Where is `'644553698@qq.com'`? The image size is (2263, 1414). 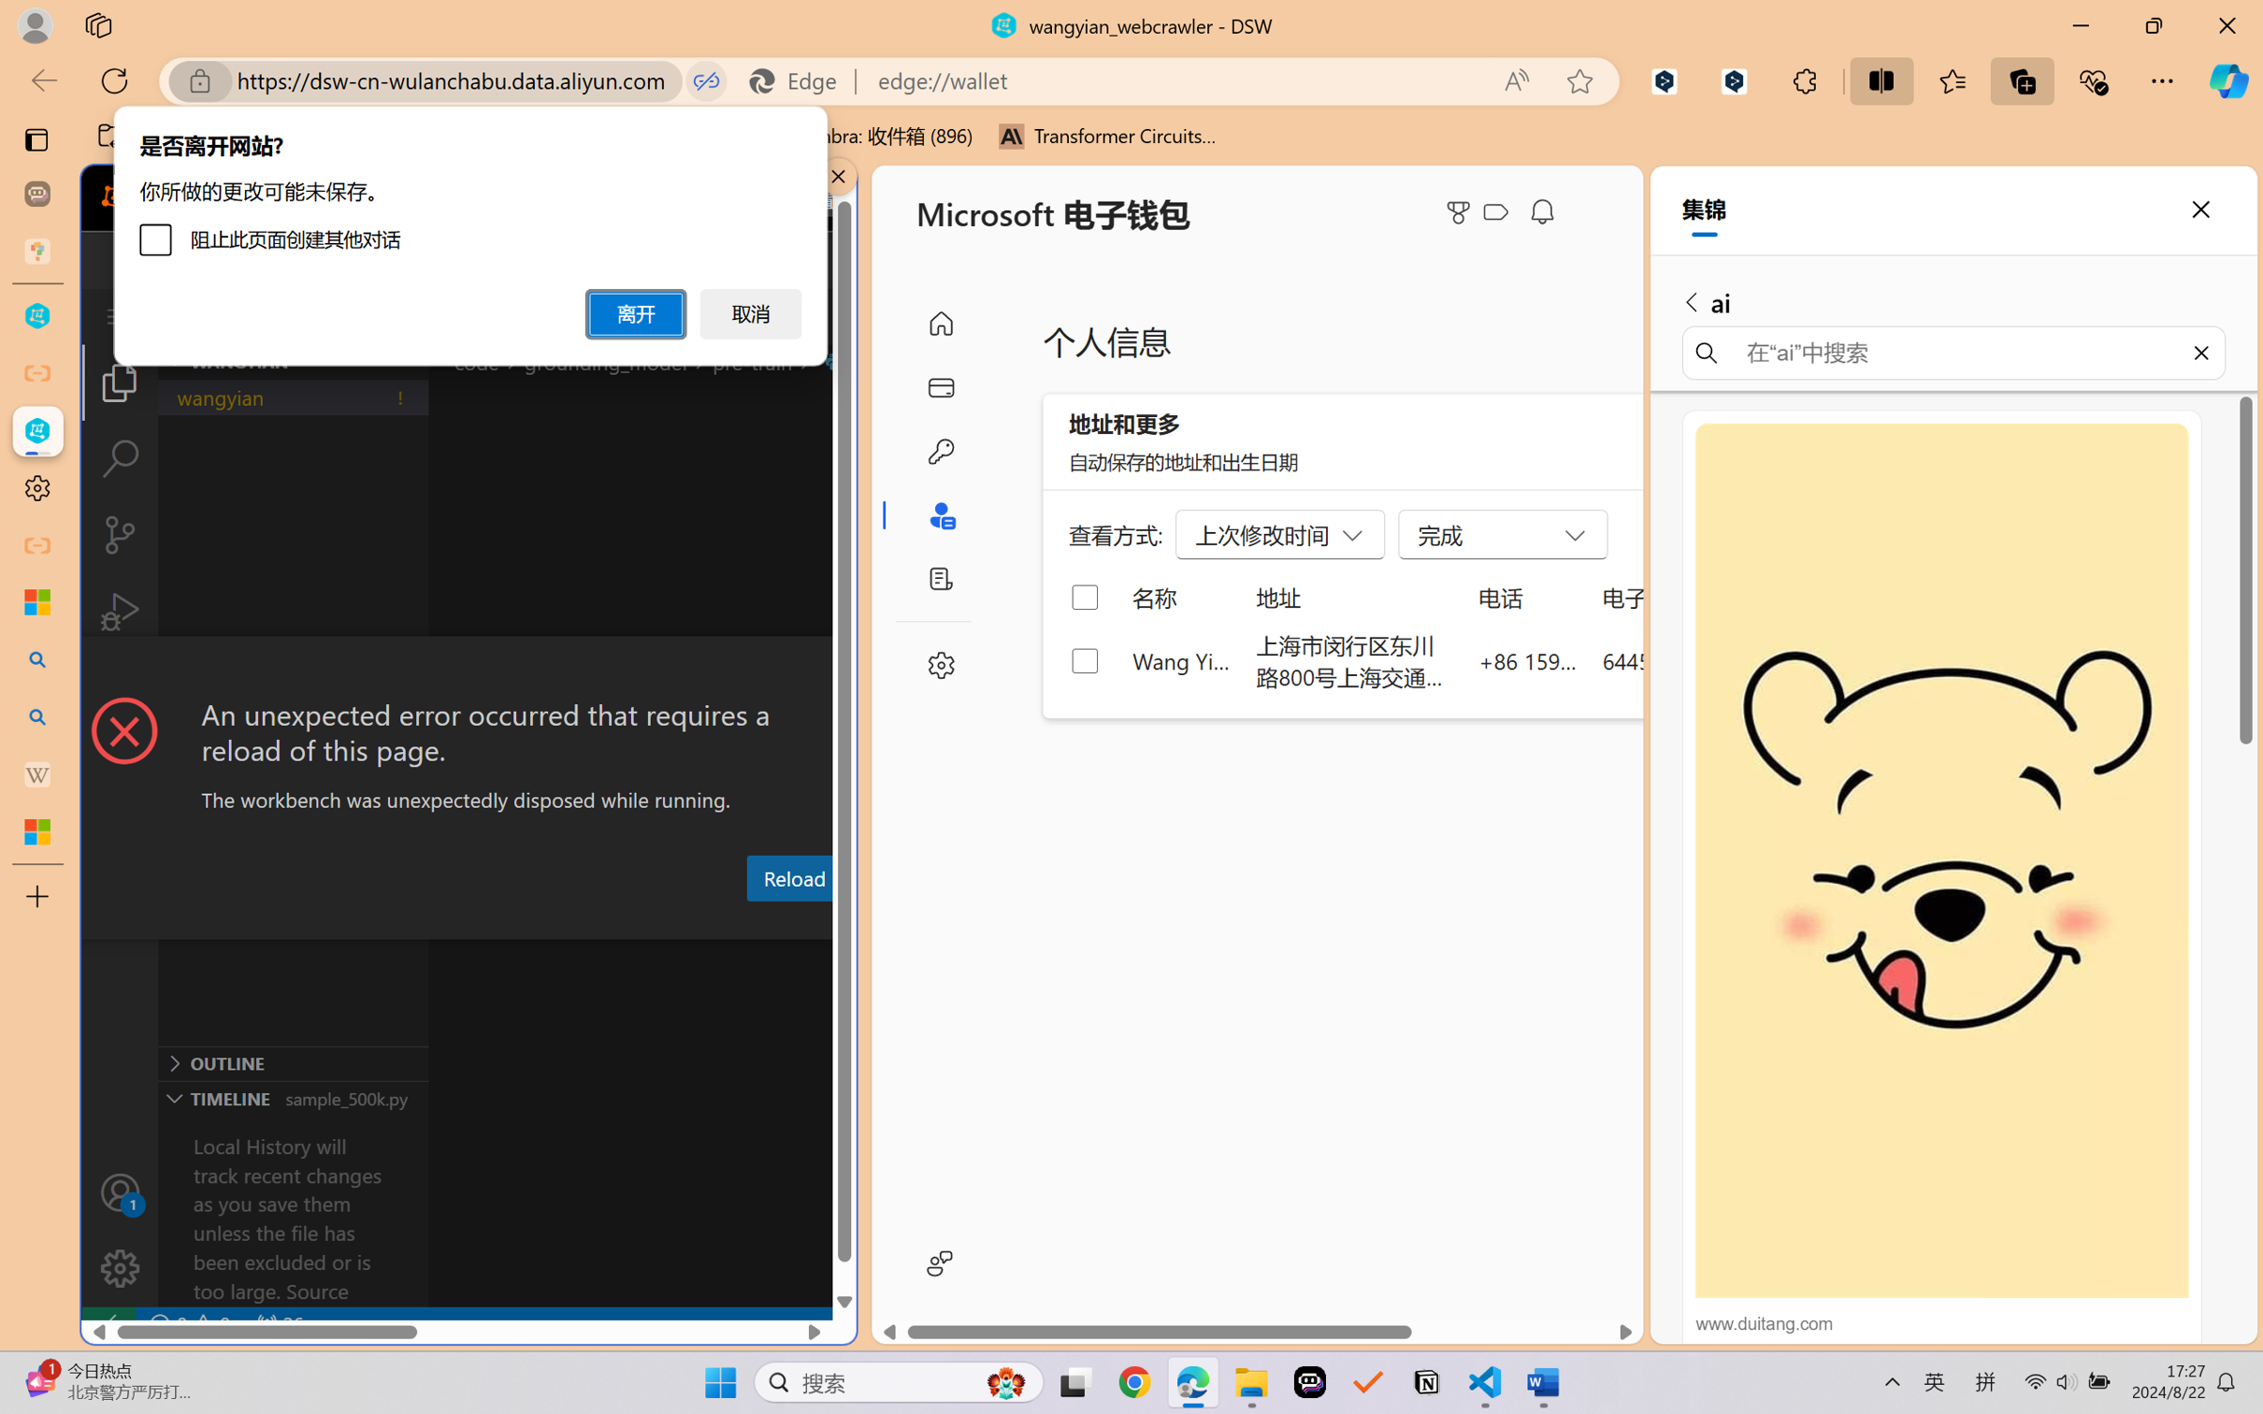
'644553698@qq.com' is located at coordinates (1700, 659).